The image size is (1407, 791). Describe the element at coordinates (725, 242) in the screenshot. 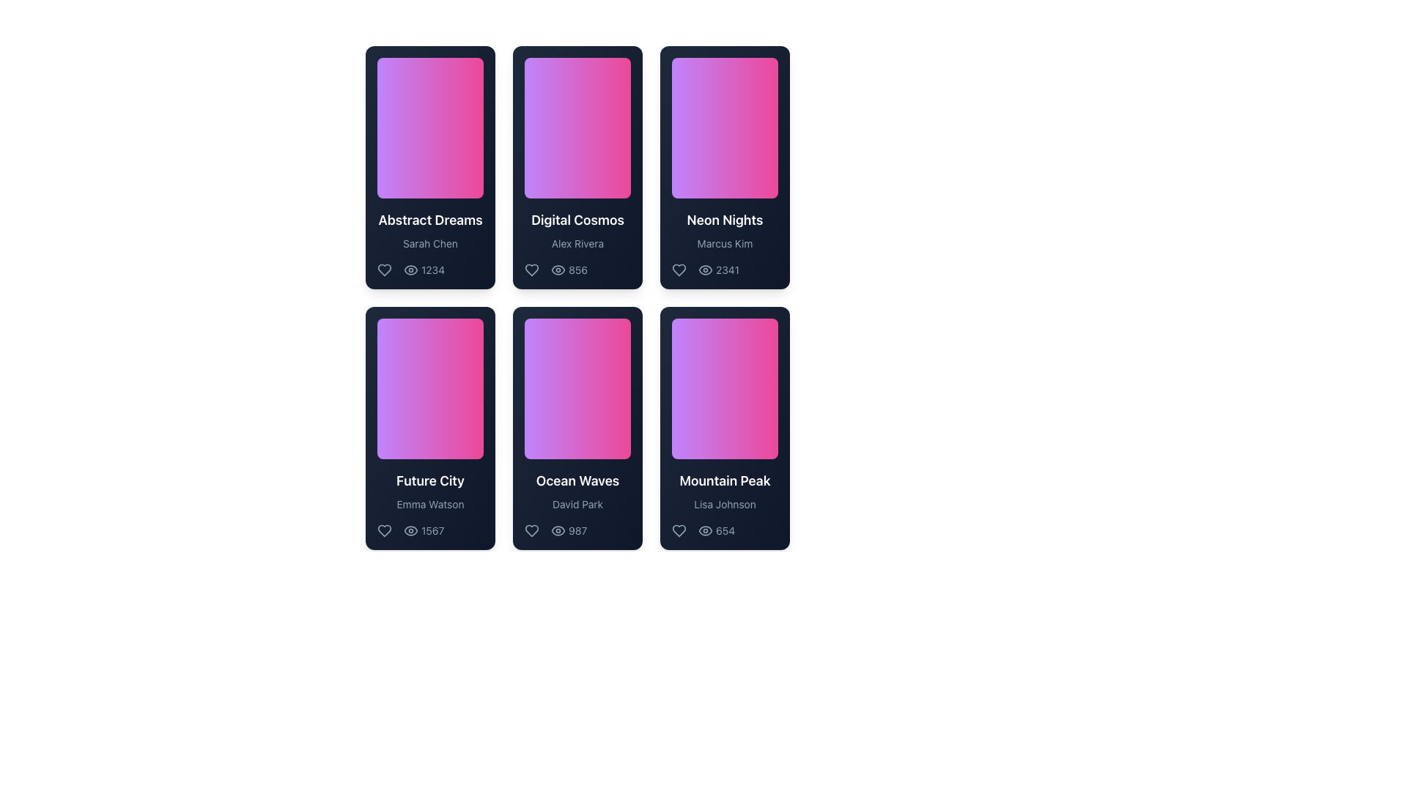

I see `the text element displaying the name 'Marcus Kim', which is styled in slate gray and positioned beneath the title 'Neon Nights'` at that location.